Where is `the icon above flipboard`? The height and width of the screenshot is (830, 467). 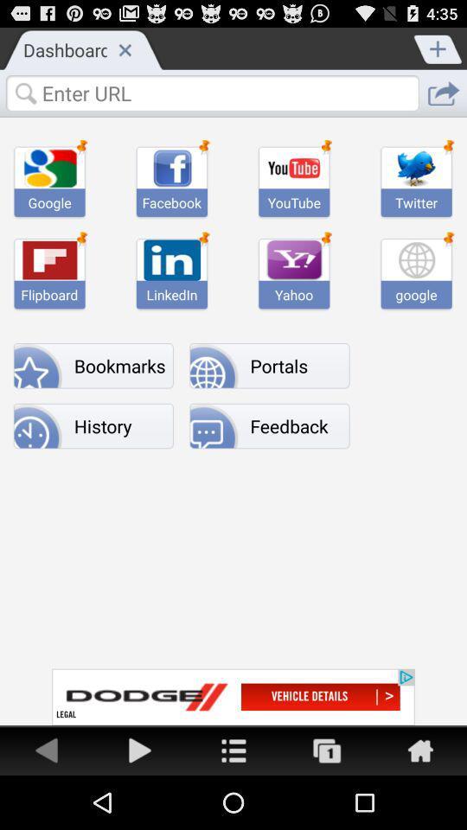
the icon above flipboard is located at coordinates (49, 259).